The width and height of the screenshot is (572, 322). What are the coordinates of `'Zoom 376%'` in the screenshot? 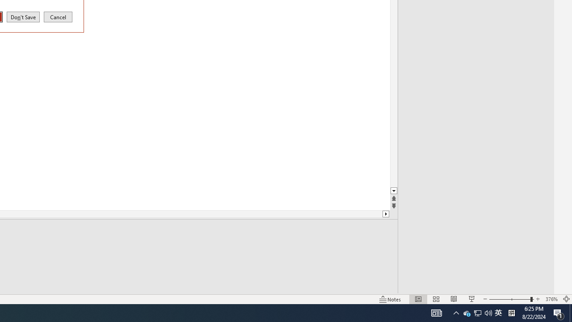 It's located at (551, 299).